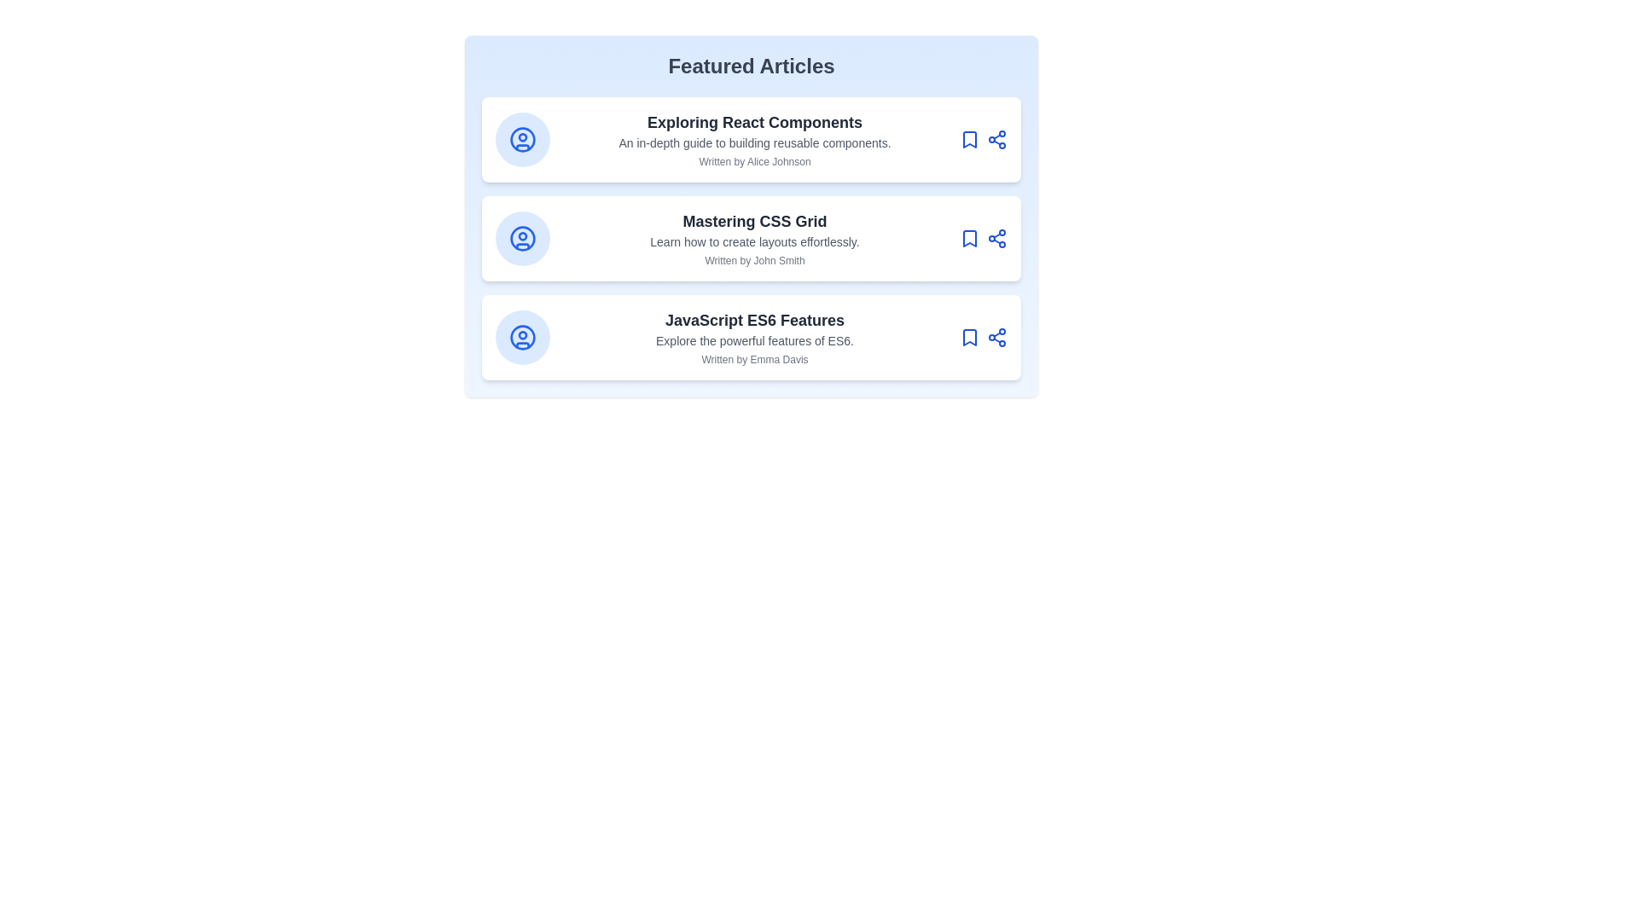  Describe the element at coordinates (970, 338) in the screenshot. I see `the bookmark icon of the article card titled 'JavaScript ES6 Features'` at that location.